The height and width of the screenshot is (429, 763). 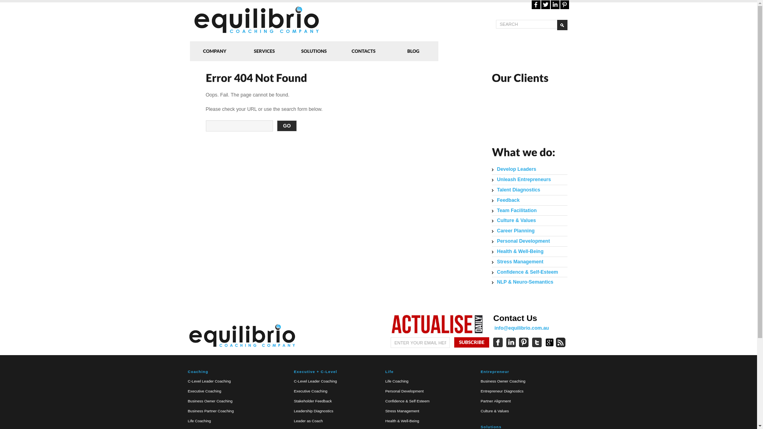 I want to click on 'Team Facilitation', so click(x=492, y=210).